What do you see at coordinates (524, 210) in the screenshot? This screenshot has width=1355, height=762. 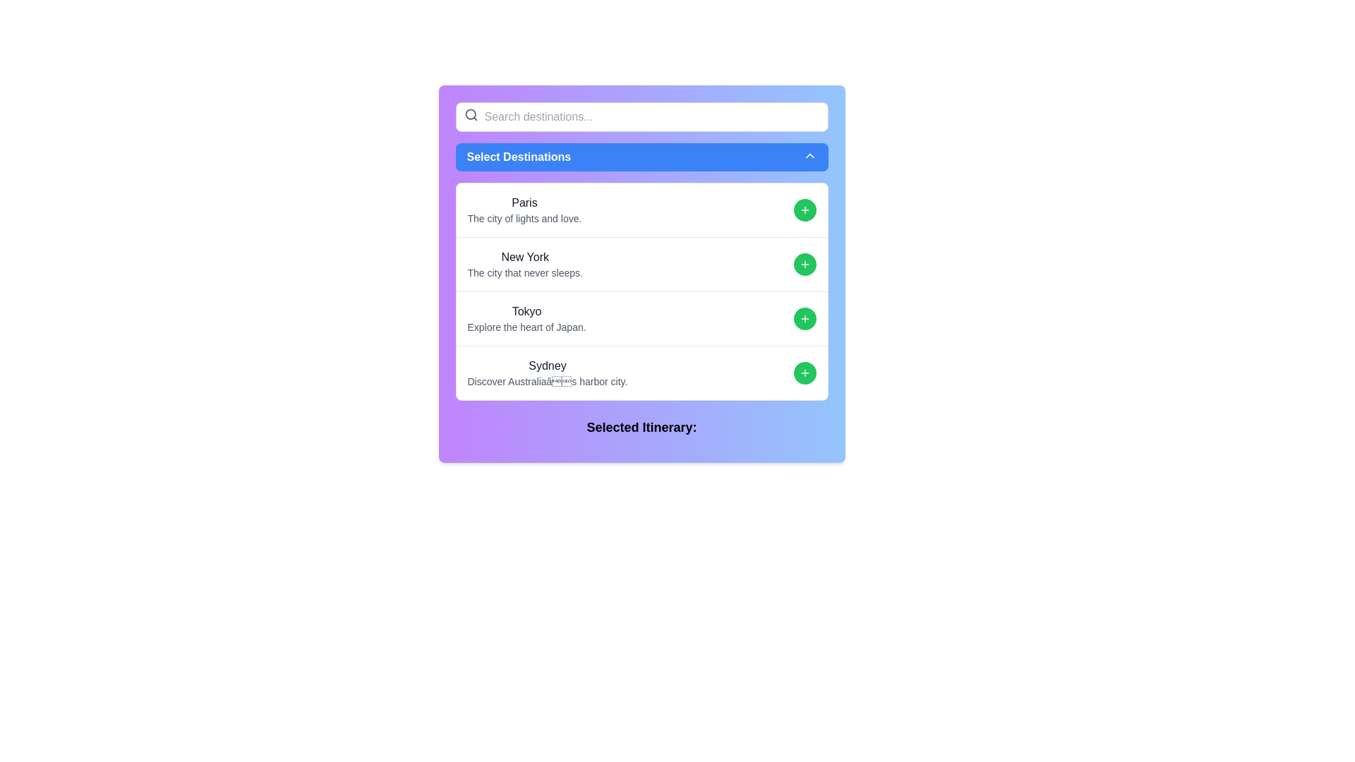 I see `the composite text block titled 'Paris' which contains a description about 'The city of lights and love'. This element is the topmost entry in a list of destinations` at bounding box center [524, 210].